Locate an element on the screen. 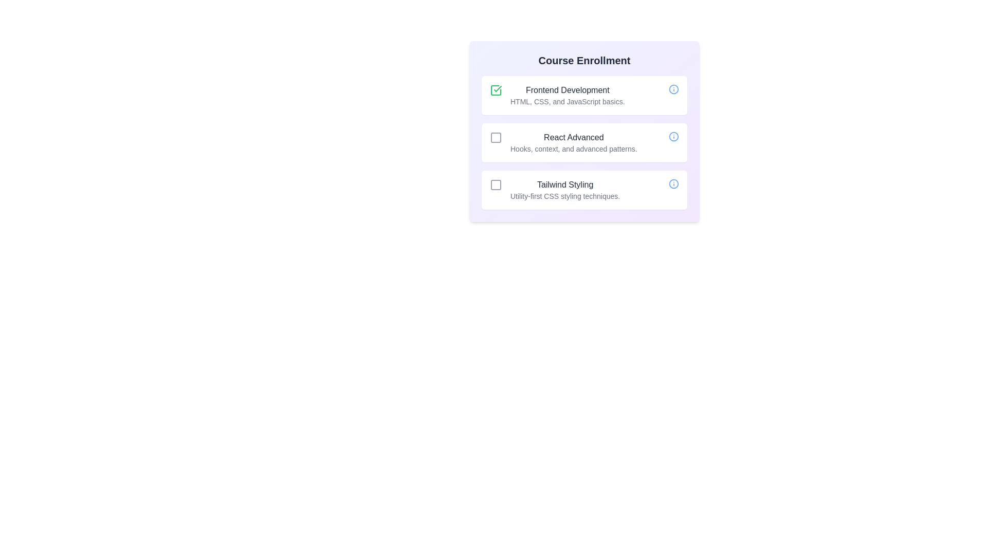 Image resolution: width=987 pixels, height=555 pixels. the circular SVG element that represents an information point, located to the right of the 'Tailwind Styling' label in the Course Enrollment section is located at coordinates (673, 183).